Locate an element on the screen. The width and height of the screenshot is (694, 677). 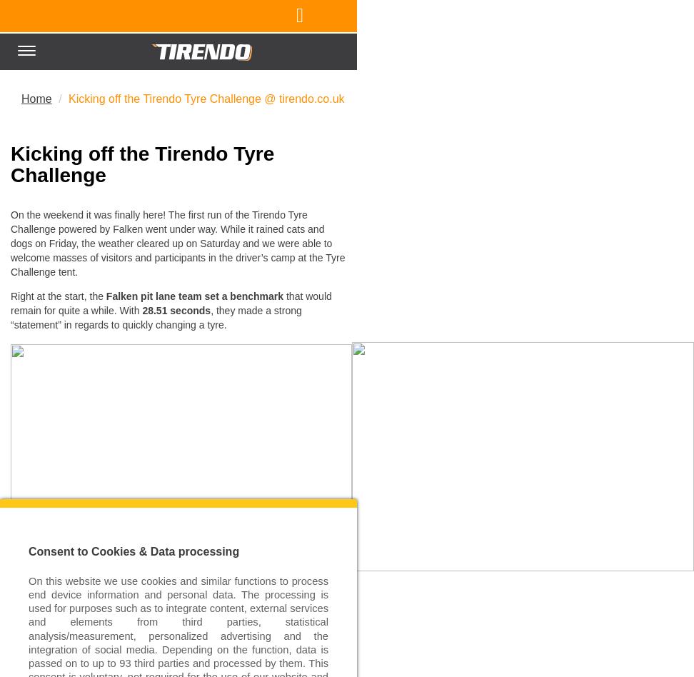
'Kicking off the Tirendo Tyre Challenge @ tirendo.co.uk' is located at coordinates (68, 98).